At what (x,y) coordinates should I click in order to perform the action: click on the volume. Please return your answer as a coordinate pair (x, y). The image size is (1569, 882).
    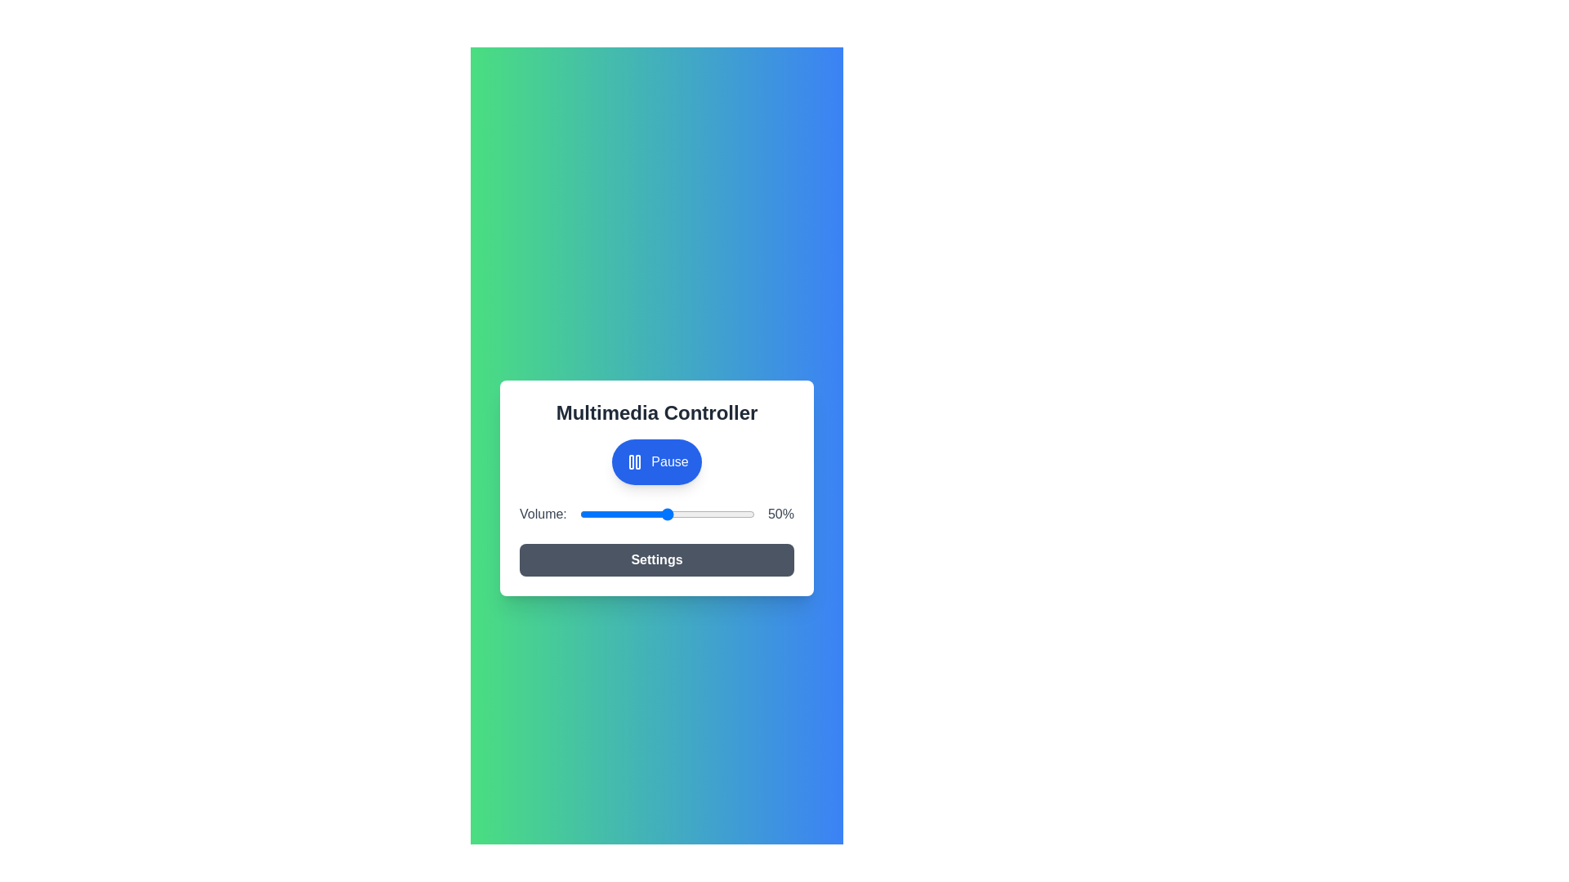
    Looking at the image, I should click on (595, 513).